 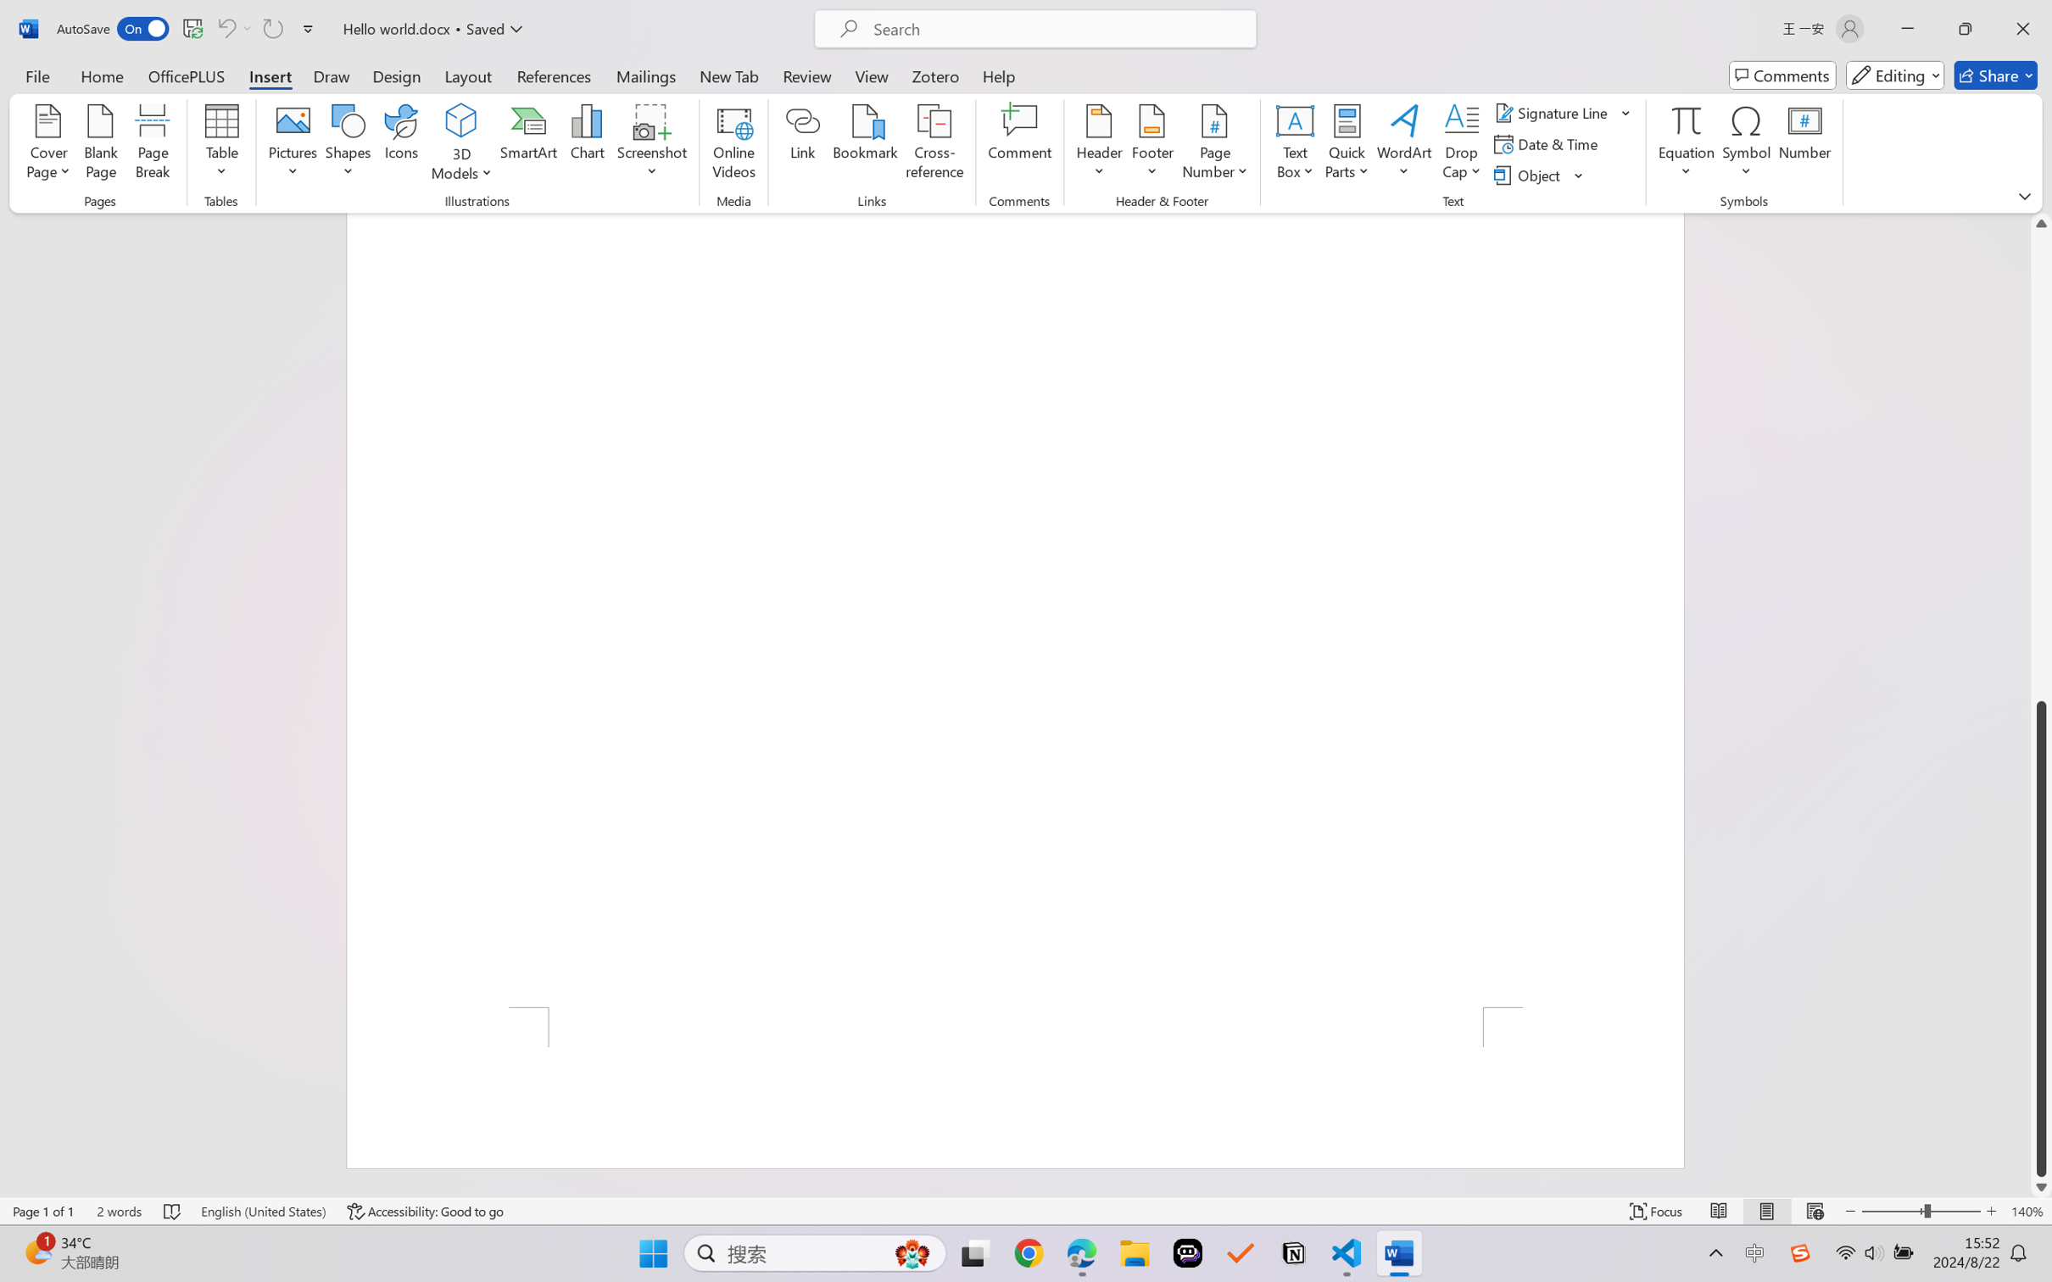 What do you see at coordinates (36, 1251) in the screenshot?
I see `'AutomationID: BadgeAnchorLargeTicker'` at bounding box center [36, 1251].